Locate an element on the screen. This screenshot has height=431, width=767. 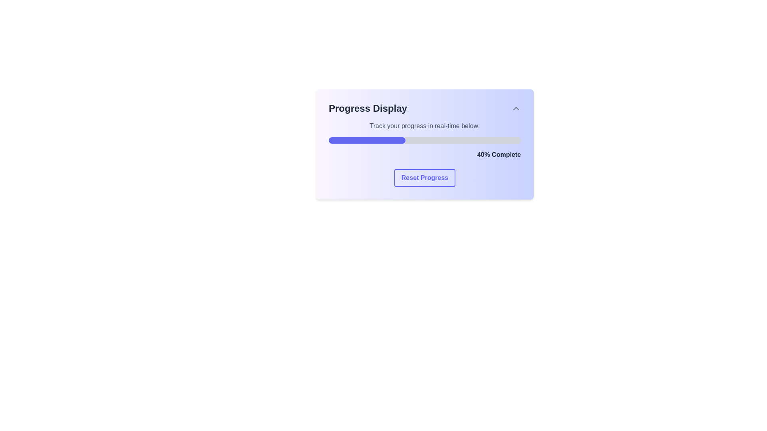
the 'Reset Progress' button, which is a rectangular button with bold text and a blue border, located centrally below the progress bar is located at coordinates (424, 178).